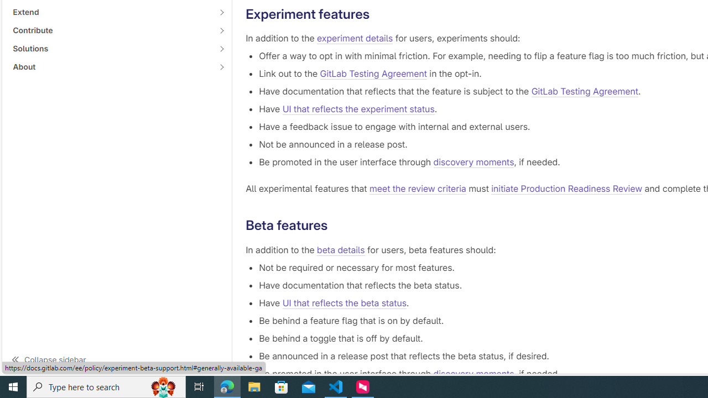  Describe the element at coordinates (111, 12) in the screenshot. I see `'Extend'` at that location.